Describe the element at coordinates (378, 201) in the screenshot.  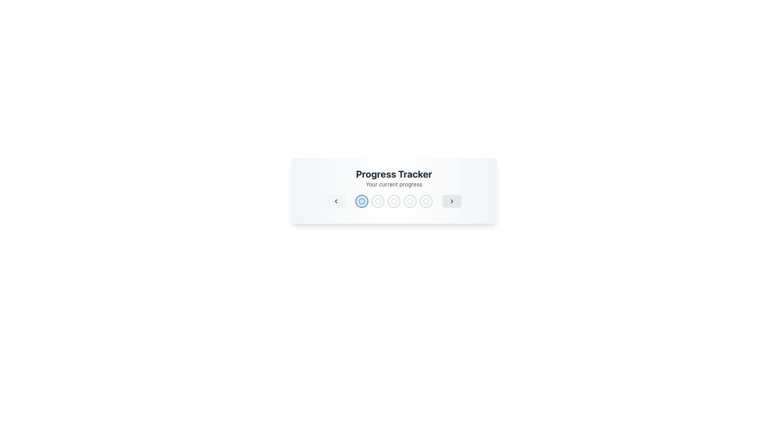
I see `the second circular progress indicator in the progress tracker` at that location.